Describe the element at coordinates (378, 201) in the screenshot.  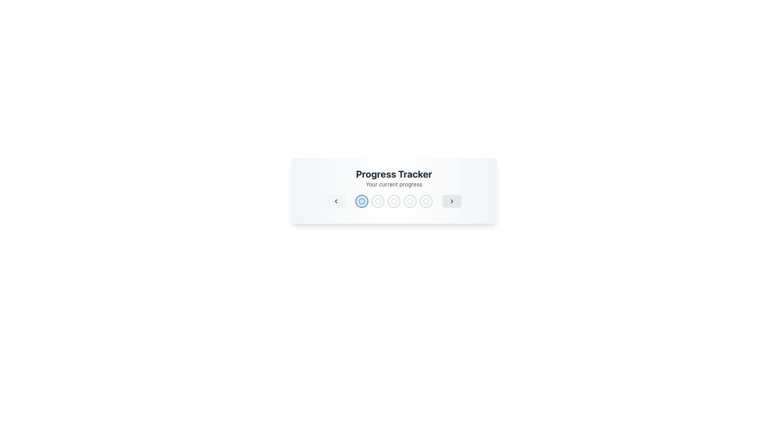
I see `the second circular progress indicator in the progress tracker` at that location.